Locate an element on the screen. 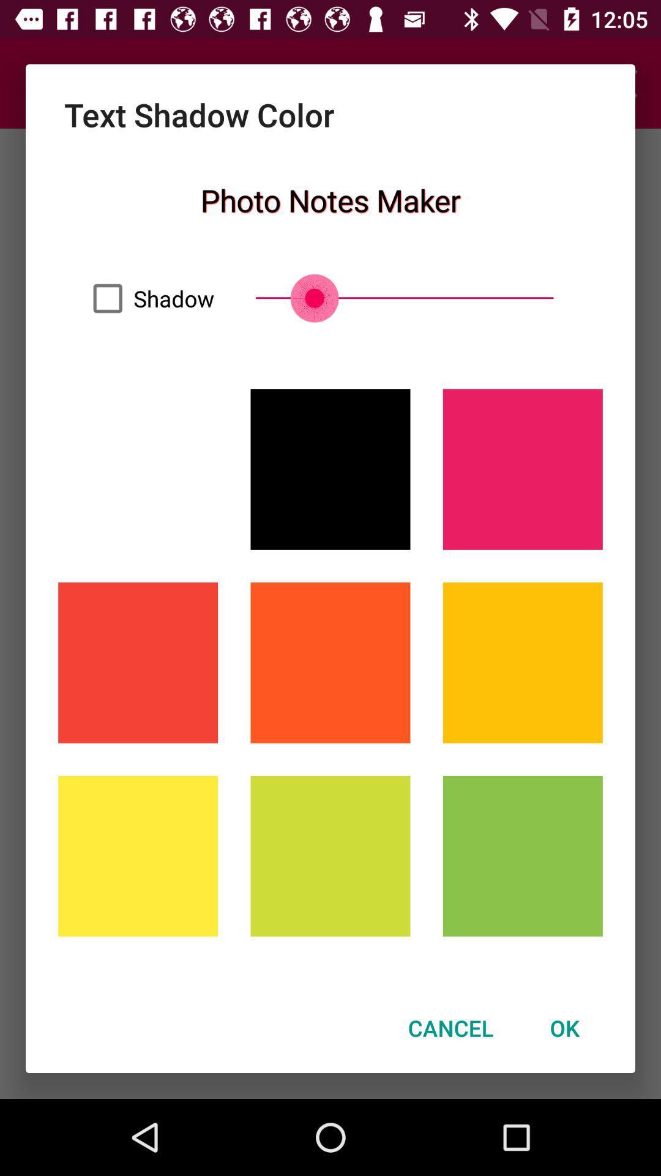 This screenshot has width=661, height=1176. item next to the cancel item is located at coordinates (564, 1028).